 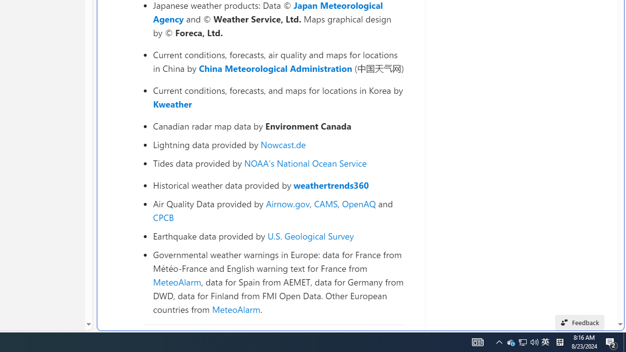 I want to click on 'weathertrends360', so click(x=331, y=185).